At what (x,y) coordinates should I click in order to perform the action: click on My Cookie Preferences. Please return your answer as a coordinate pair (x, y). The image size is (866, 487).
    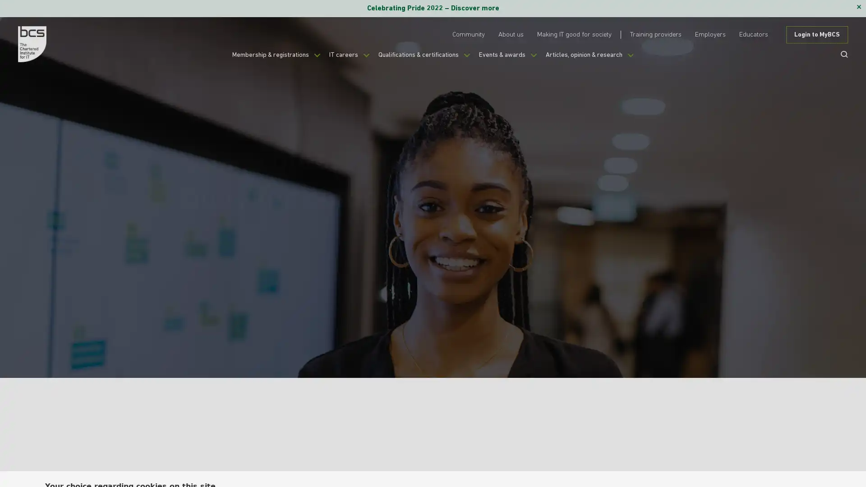
    Looking at the image, I should click on (768, 463).